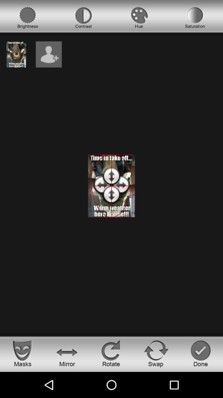  I want to click on hue, so click(139, 17).